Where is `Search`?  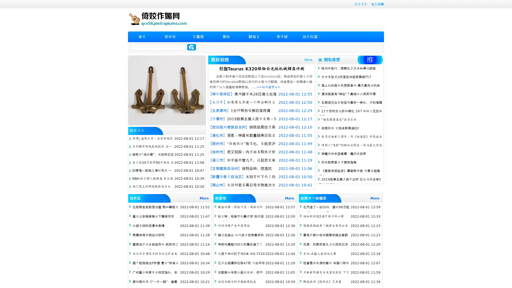 Search is located at coordinates (191, 47).